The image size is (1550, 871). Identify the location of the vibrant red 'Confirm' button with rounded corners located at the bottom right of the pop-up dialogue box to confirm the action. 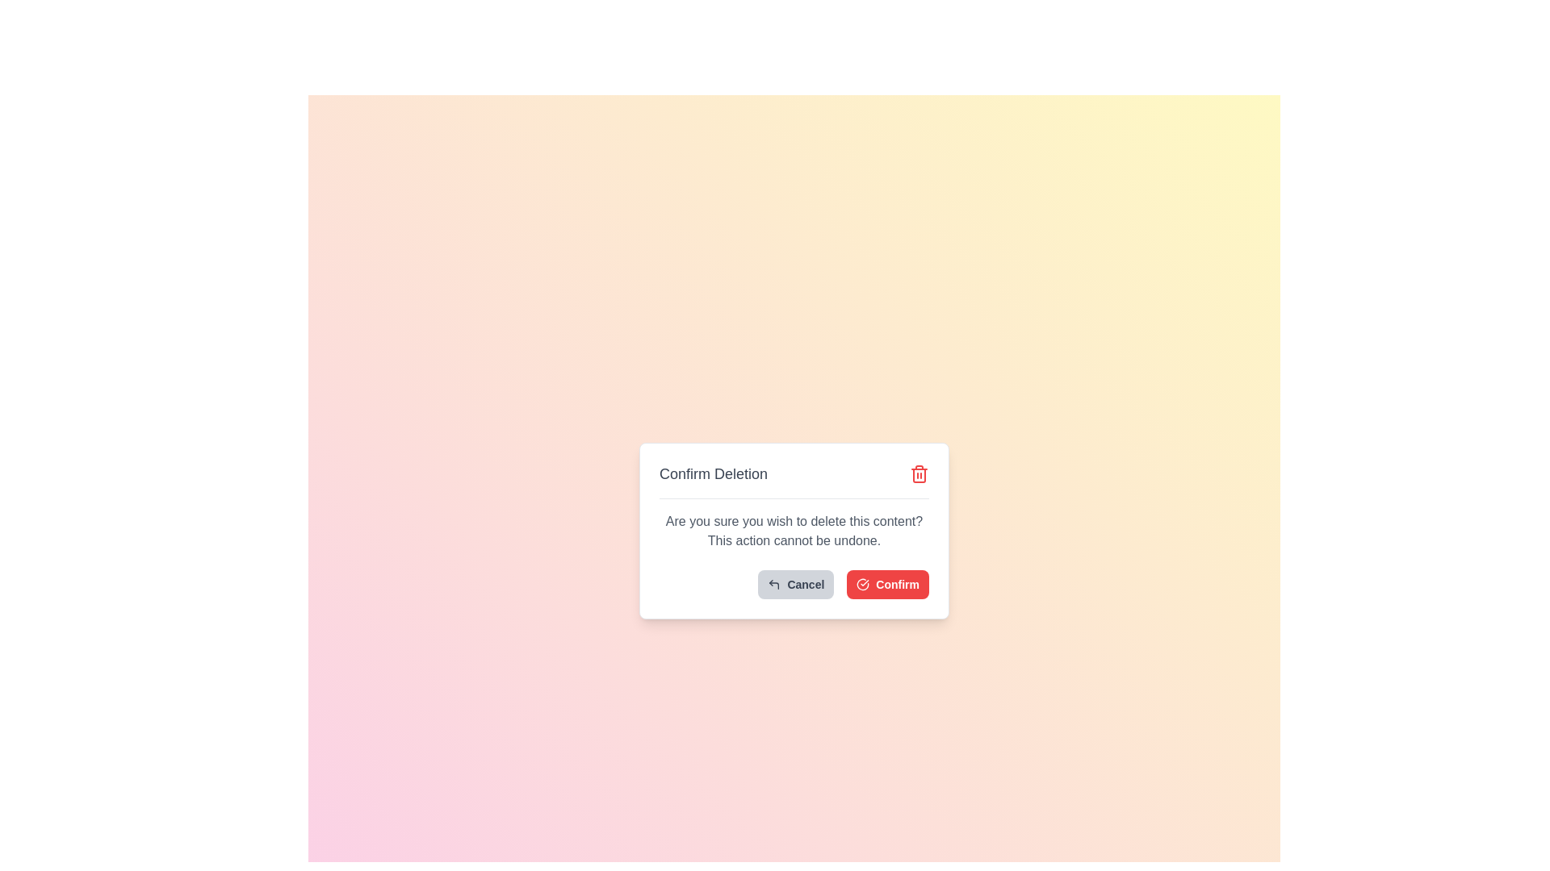
(887, 584).